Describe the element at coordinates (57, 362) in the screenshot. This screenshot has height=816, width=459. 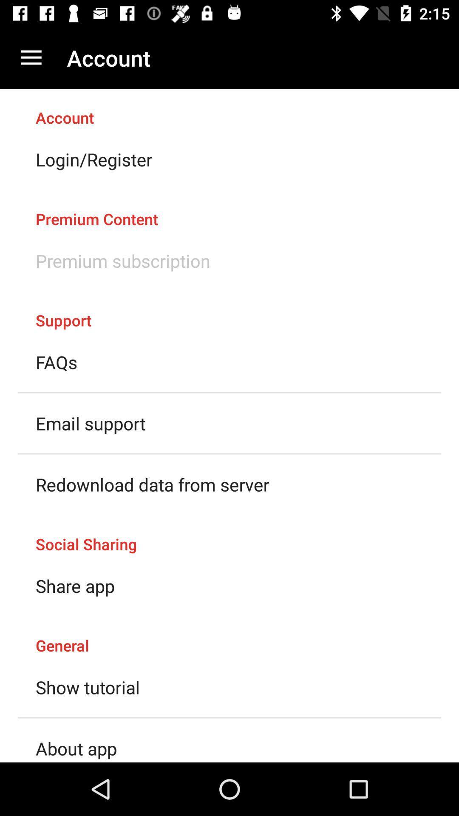
I see `faqs item` at that location.